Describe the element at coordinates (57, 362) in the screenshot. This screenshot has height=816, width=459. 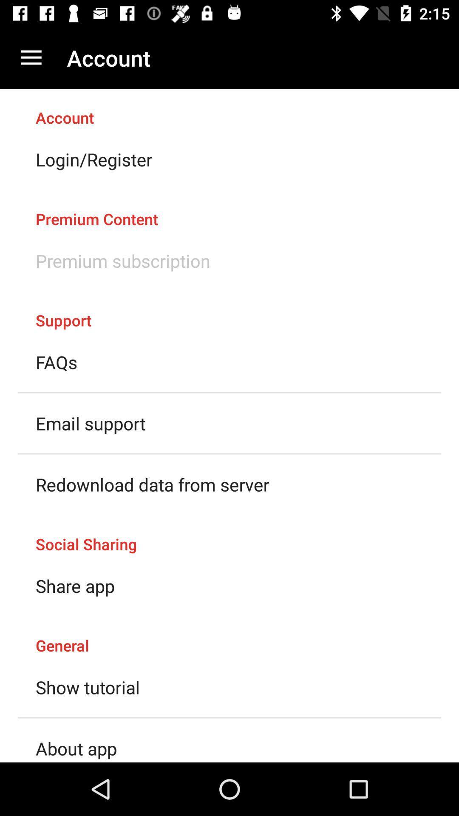
I see `faqs item` at that location.